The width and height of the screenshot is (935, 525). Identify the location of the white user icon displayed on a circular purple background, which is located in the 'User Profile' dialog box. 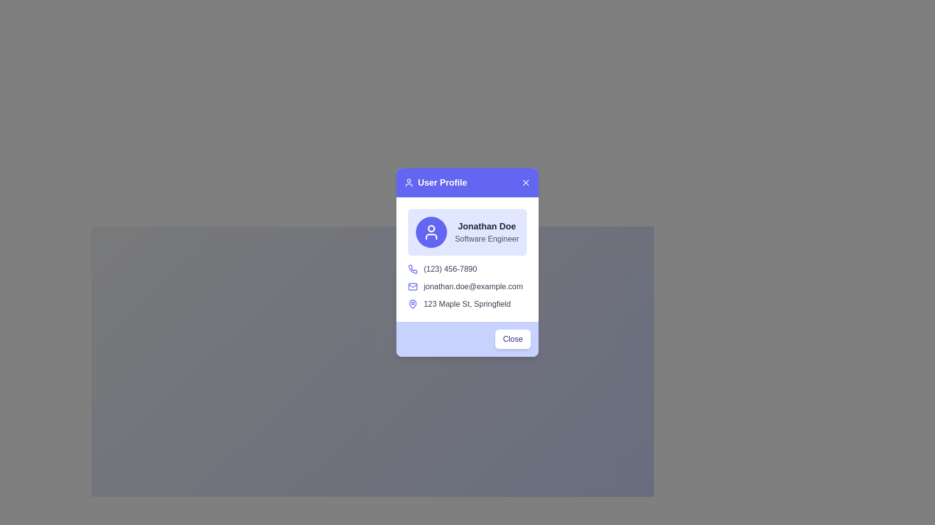
(431, 232).